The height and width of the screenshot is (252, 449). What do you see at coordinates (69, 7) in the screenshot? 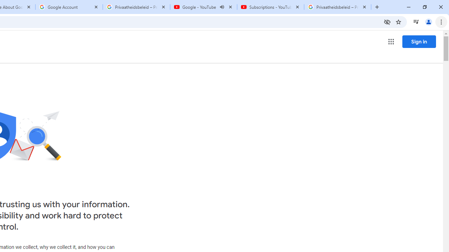
I see `'Google Account'` at bounding box center [69, 7].